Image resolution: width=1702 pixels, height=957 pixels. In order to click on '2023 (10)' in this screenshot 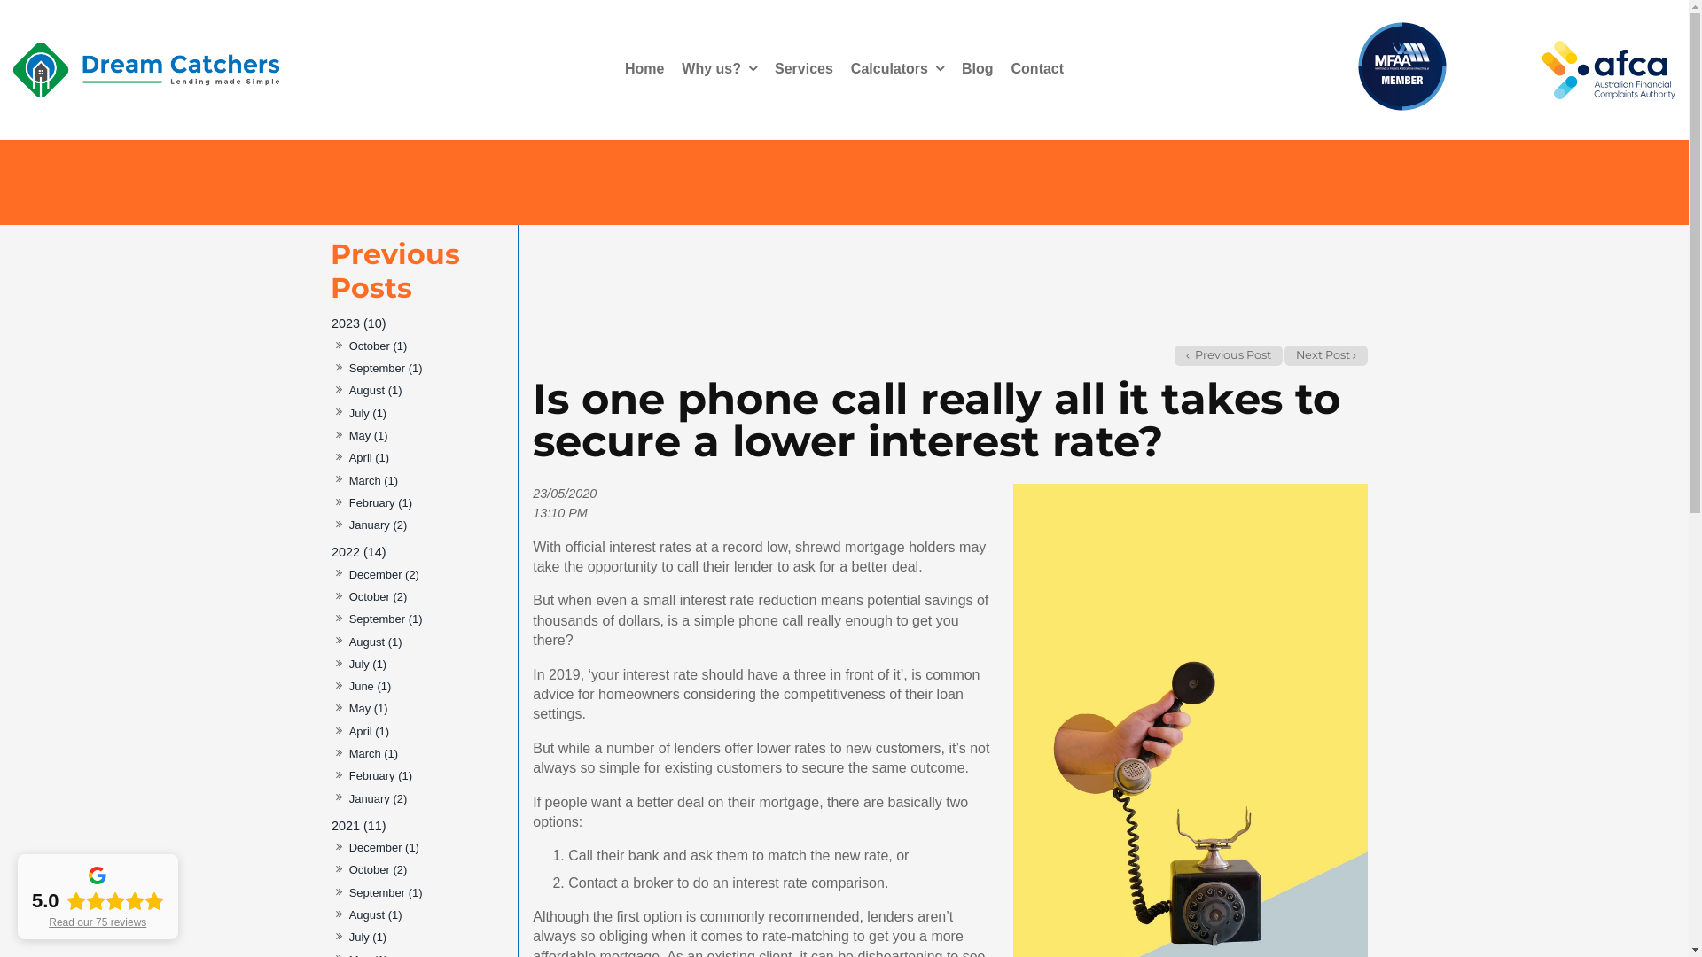, I will do `click(418, 323)`.